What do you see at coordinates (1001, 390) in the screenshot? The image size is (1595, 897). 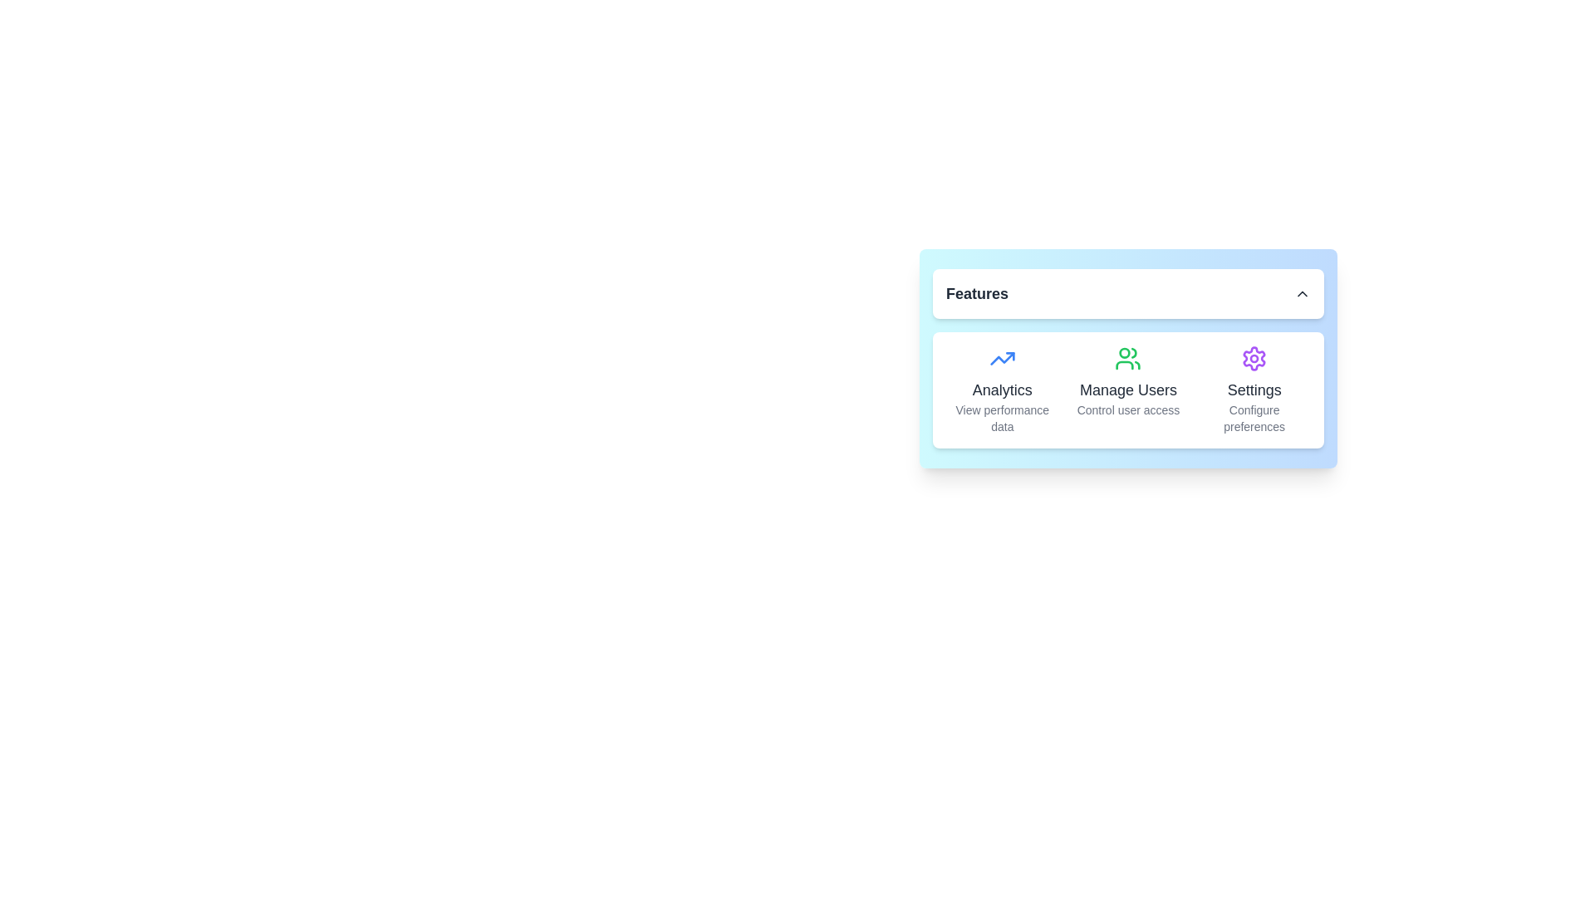 I see `the 'Analytics' text label, which serves as a title indicating the associated feature or section` at bounding box center [1001, 390].